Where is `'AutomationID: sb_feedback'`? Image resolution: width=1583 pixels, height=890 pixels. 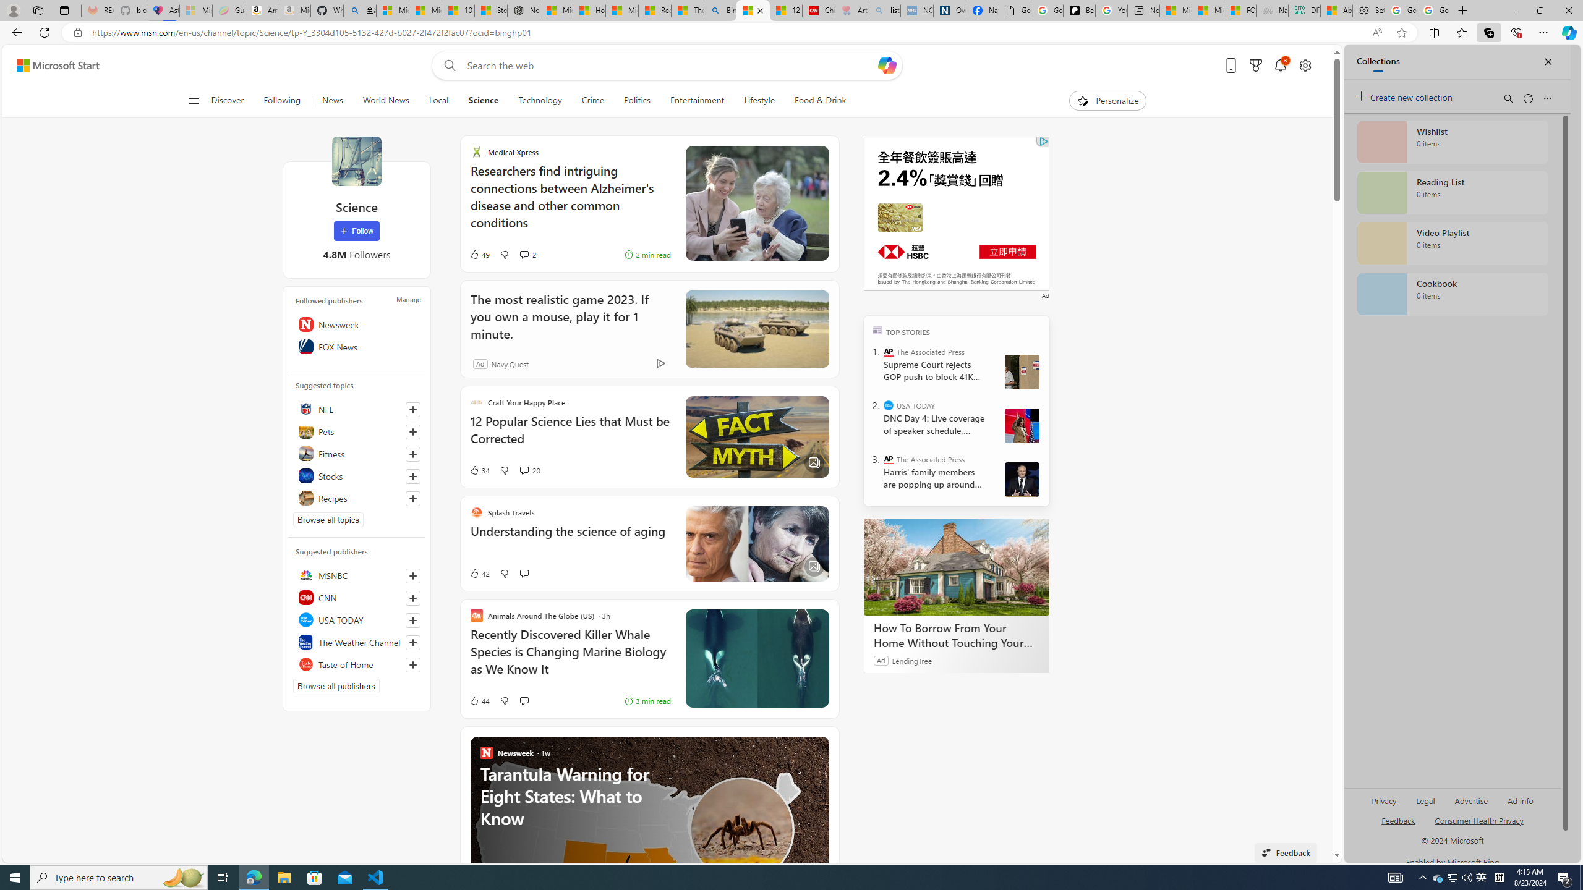 'AutomationID: sb_feedback' is located at coordinates (1398, 819).